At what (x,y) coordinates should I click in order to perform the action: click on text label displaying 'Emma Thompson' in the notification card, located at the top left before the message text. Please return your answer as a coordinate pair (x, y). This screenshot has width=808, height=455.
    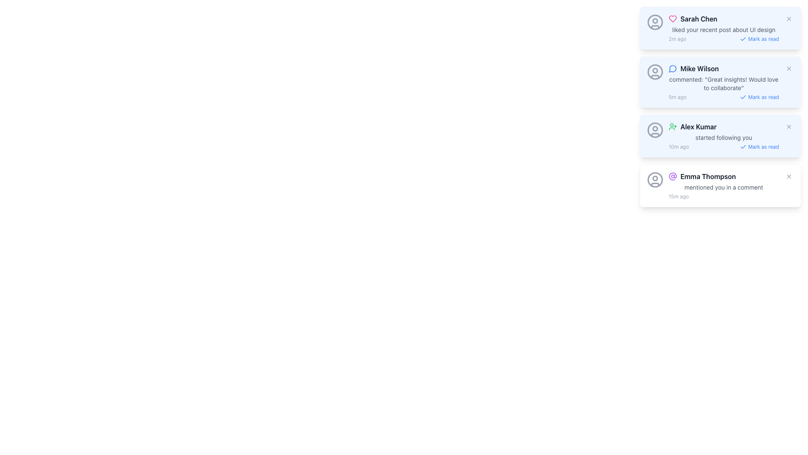
    Looking at the image, I should click on (723, 176).